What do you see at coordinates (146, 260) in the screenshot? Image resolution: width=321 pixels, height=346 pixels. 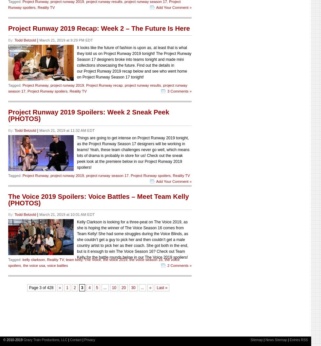 I see `'the voice season 16'` at bounding box center [146, 260].